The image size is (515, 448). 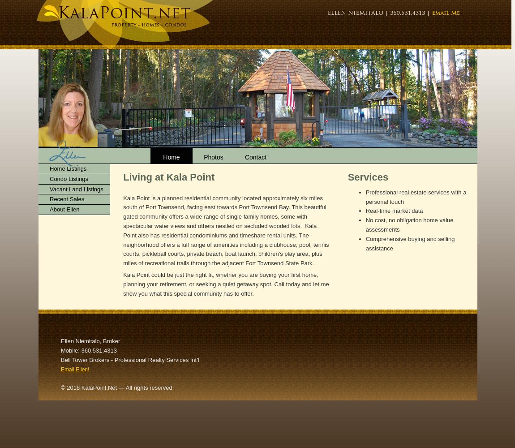 I want to click on 'Real-time market data', so click(x=365, y=210).